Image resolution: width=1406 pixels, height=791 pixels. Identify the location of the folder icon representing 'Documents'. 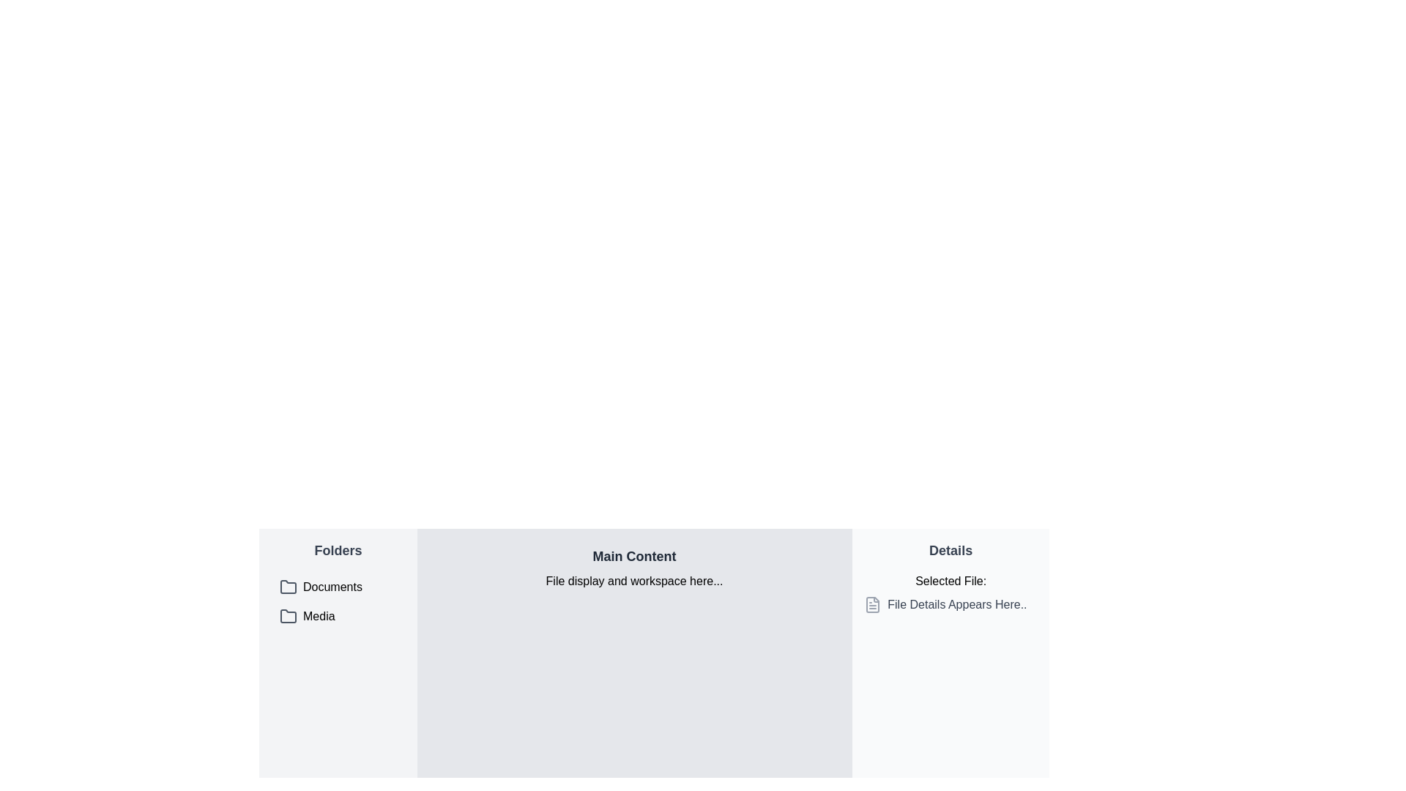
(288, 586).